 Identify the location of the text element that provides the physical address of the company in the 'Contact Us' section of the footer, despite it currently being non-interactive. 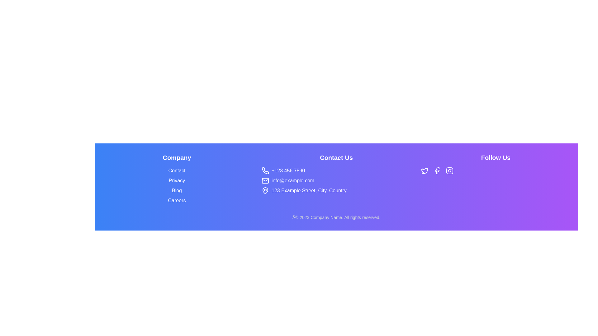
(309, 190).